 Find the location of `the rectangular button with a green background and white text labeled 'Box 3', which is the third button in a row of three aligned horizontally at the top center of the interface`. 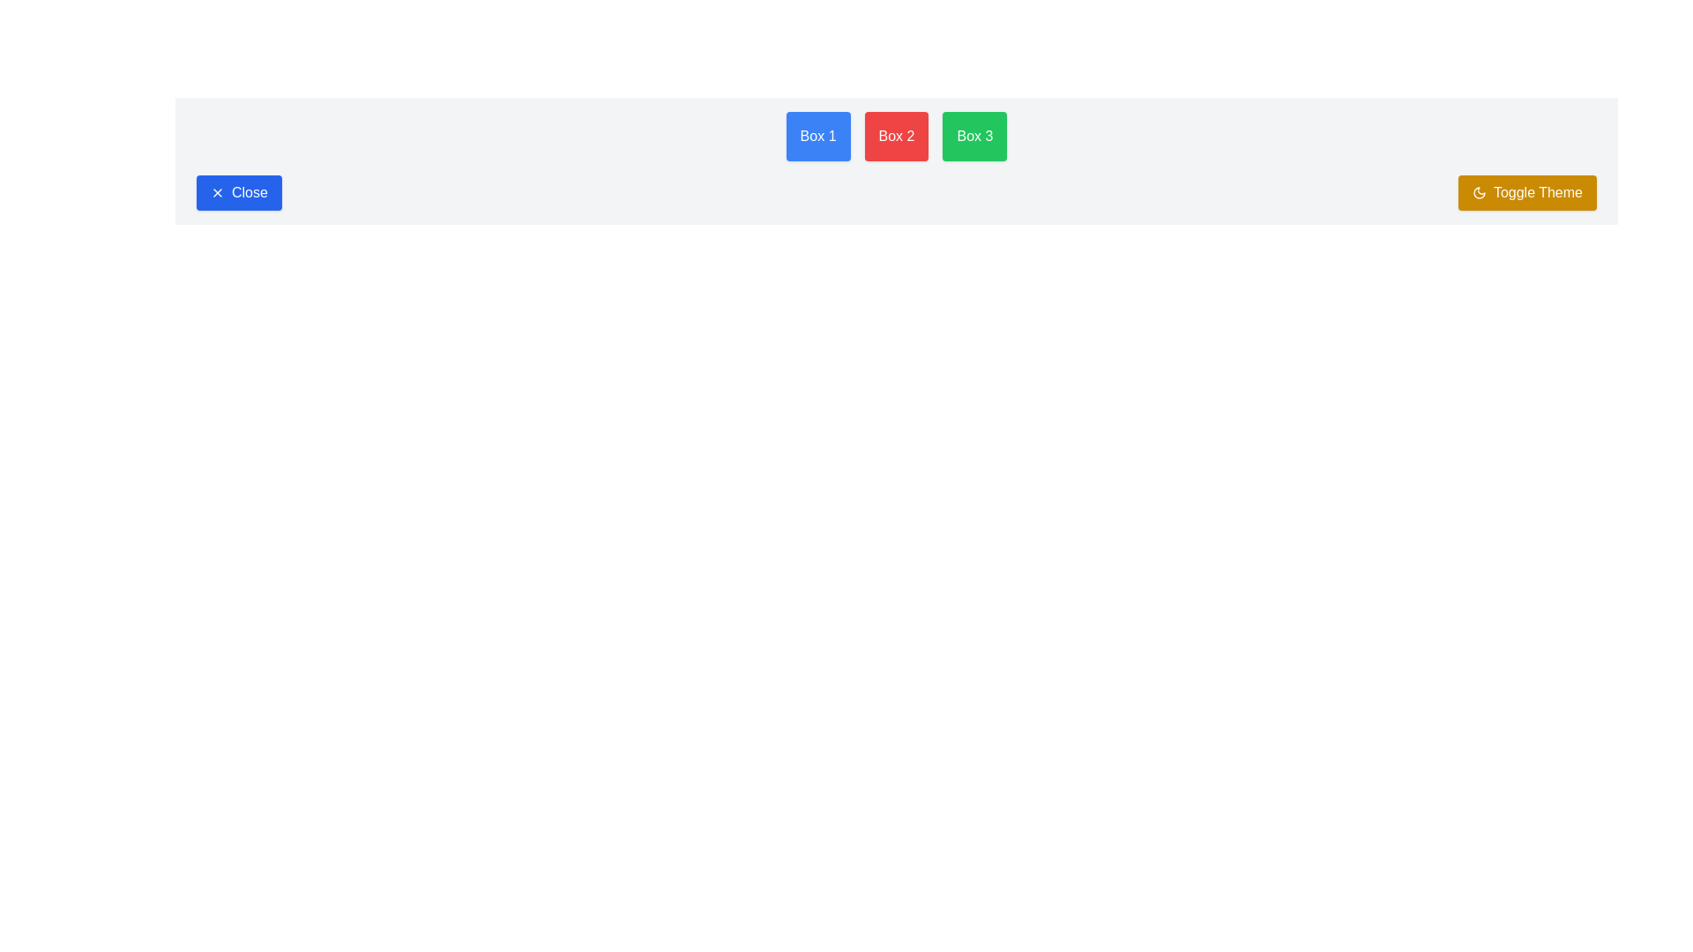

the rectangular button with a green background and white text labeled 'Box 3', which is the third button in a row of three aligned horizontally at the top center of the interface is located at coordinates (973, 135).